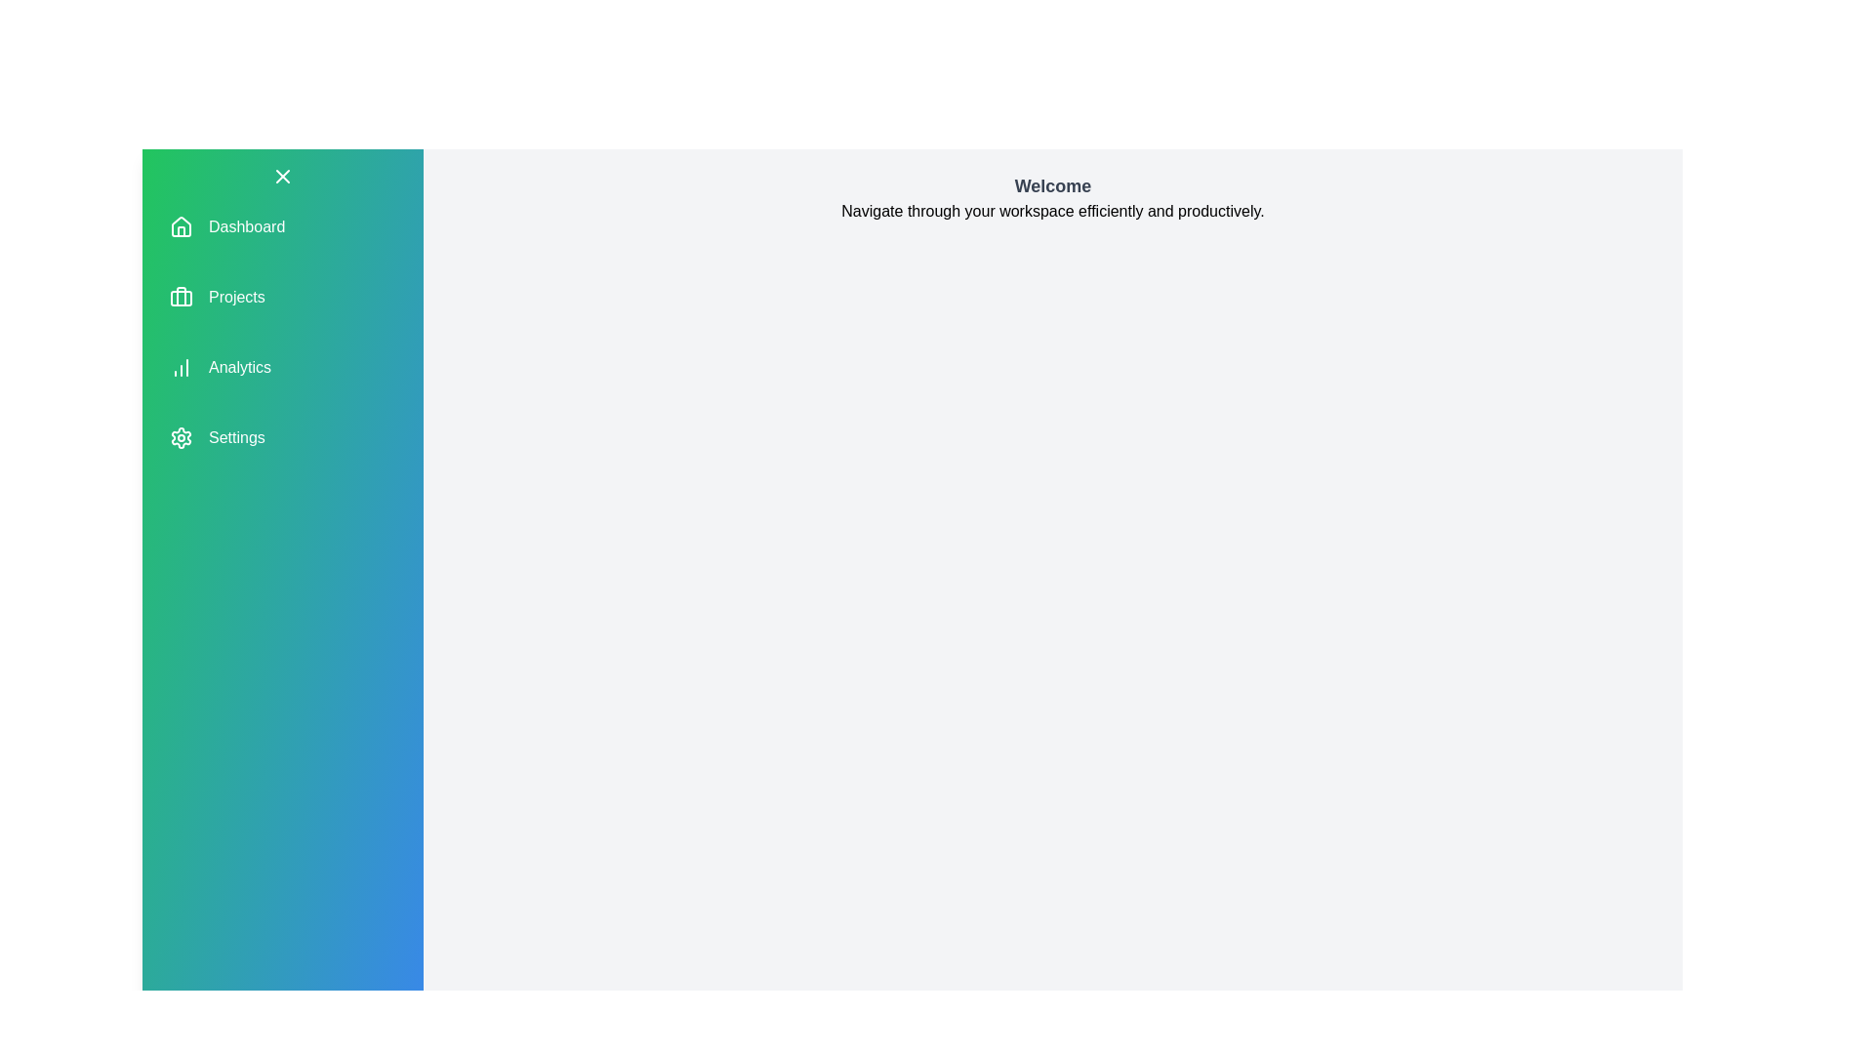  What do you see at coordinates (246, 225) in the screenshot?
I see `the navigation item corresponding to Dashboard` at bounding box center [246, 225].